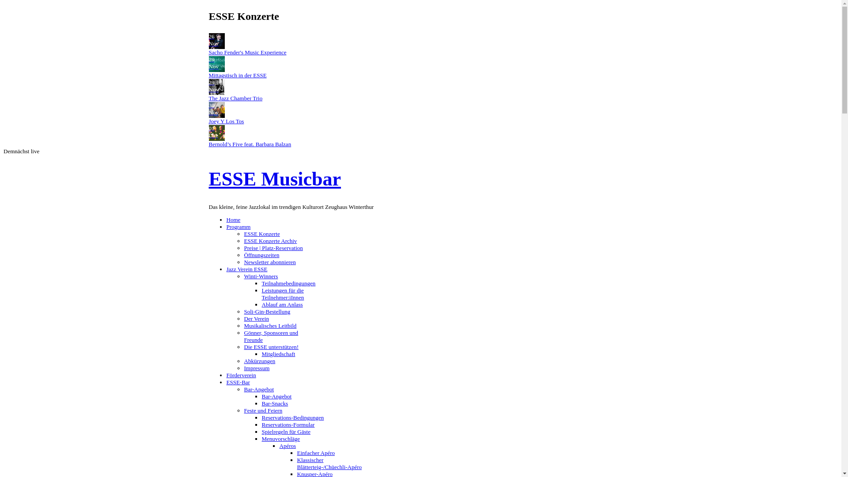 This screenshot has width=848, height=477. I want to click on 'Soli-Gin-Bestellung', so click(266, 311).